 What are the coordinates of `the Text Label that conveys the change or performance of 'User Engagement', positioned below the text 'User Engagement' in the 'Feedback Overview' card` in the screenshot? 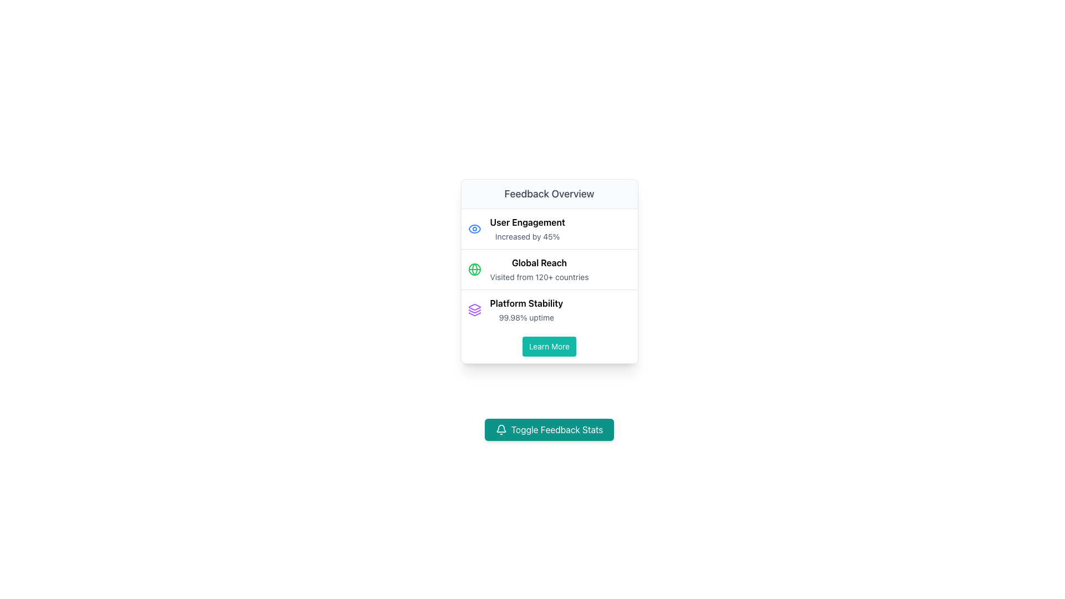 It's located at (527, 236).